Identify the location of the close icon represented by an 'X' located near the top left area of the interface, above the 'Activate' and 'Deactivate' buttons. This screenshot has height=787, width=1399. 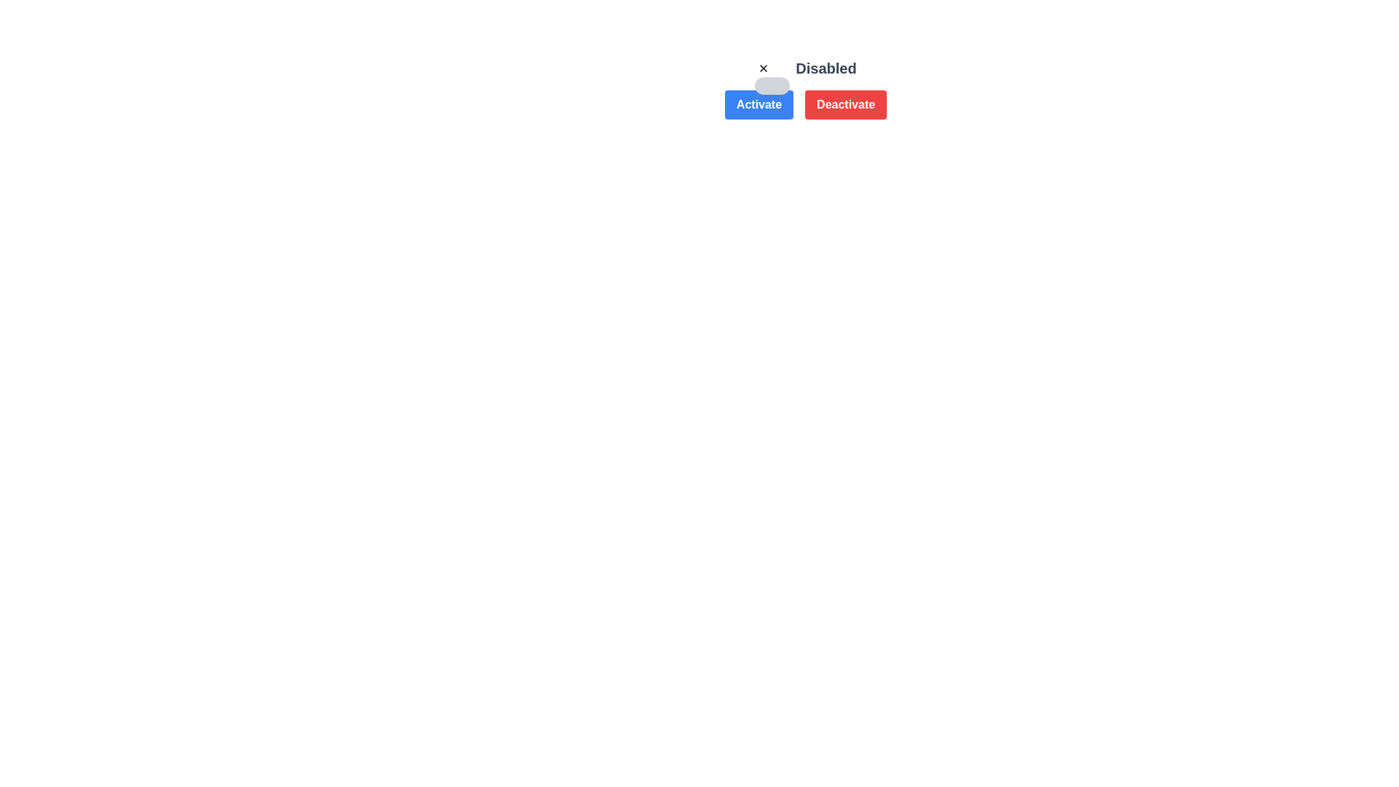
(763, 68).